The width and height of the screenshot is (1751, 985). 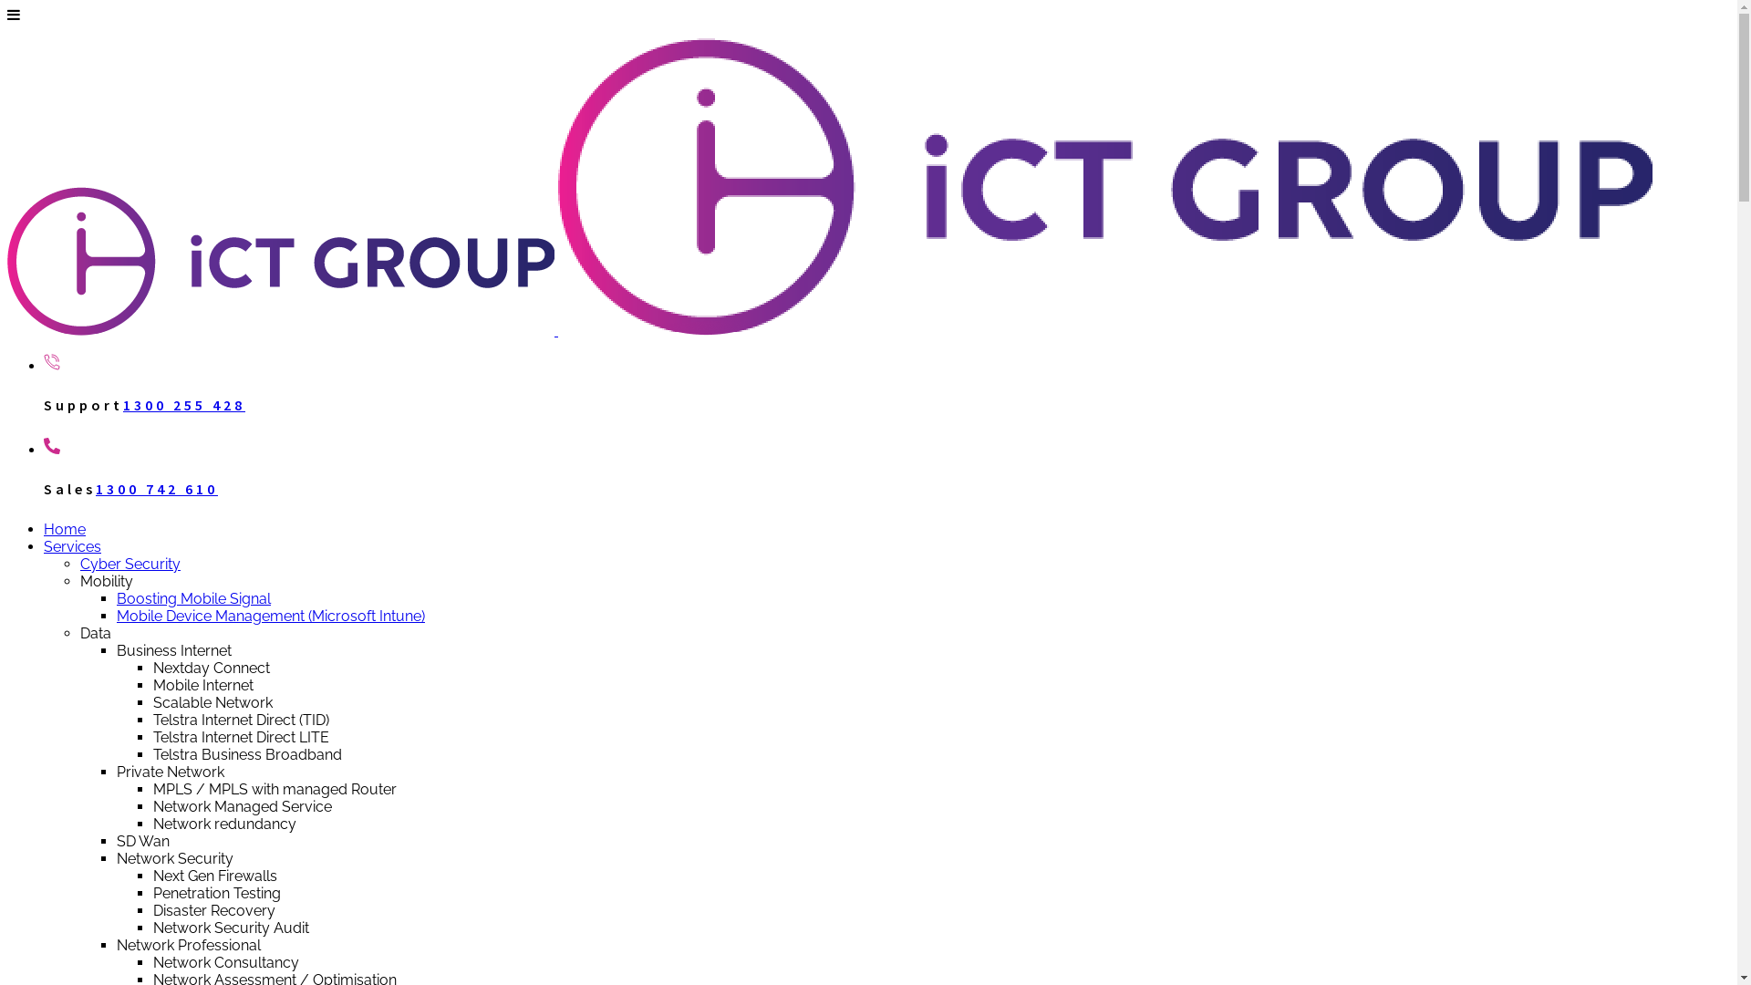 What do you see at coordinates (214, 910) in the screenshot?
I see `'Disaster Recovery'` at bounding box center [214, 910].